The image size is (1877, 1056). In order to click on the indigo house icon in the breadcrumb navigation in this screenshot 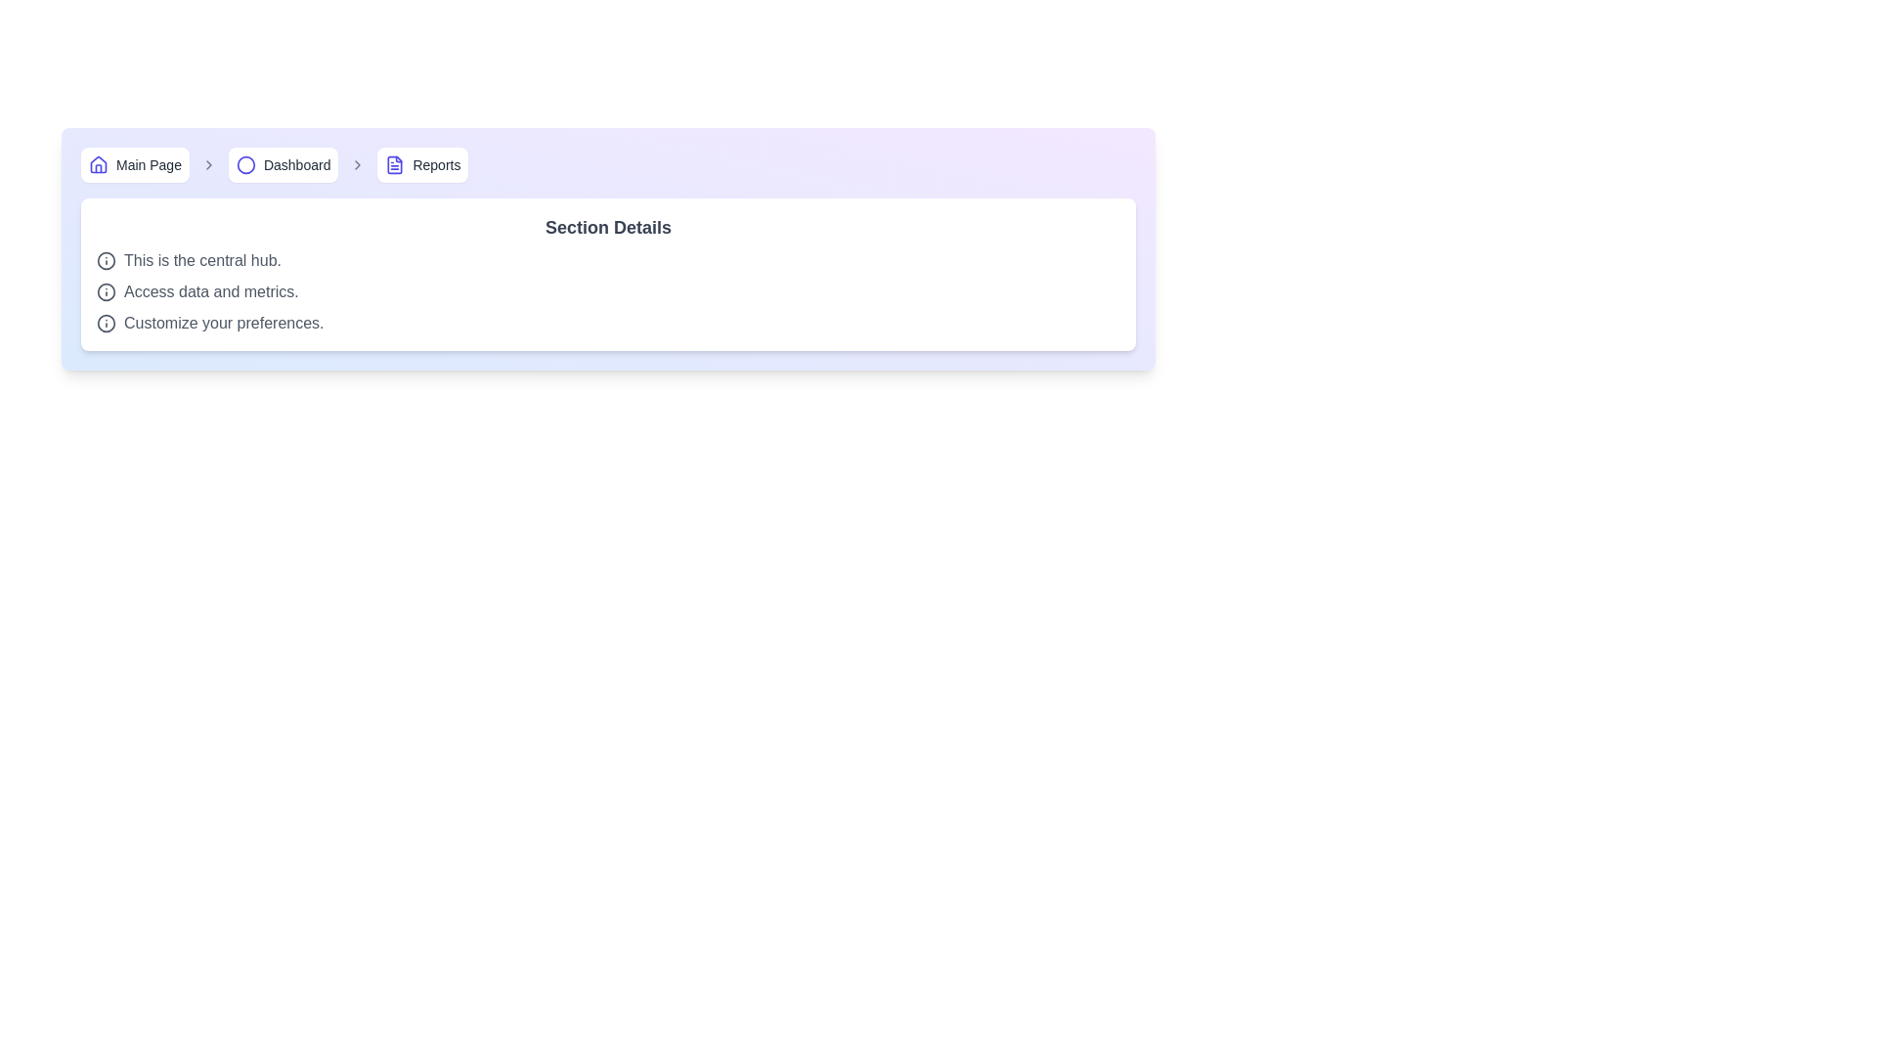, I will do `click(97, 164)`.